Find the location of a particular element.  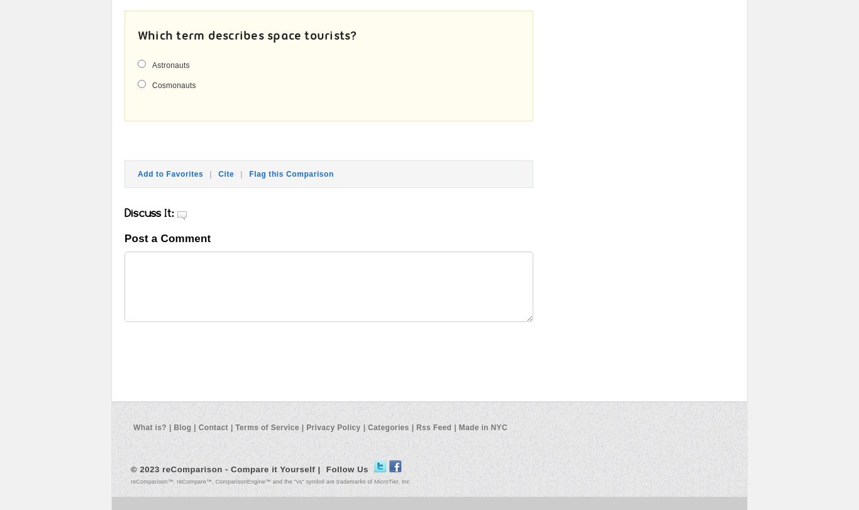

'Categories' is located at coordinates (387, 426).